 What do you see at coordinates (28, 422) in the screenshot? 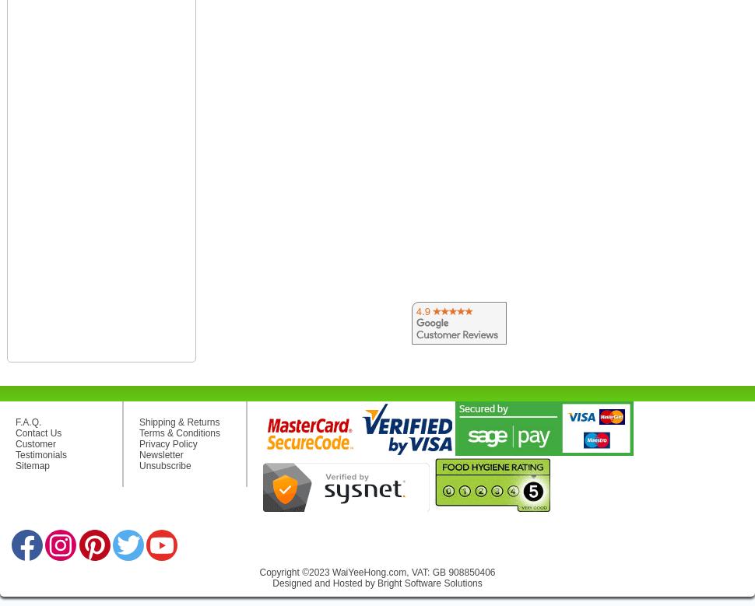
I see `'F.A.Q.'` at bounding box center [28, 422].